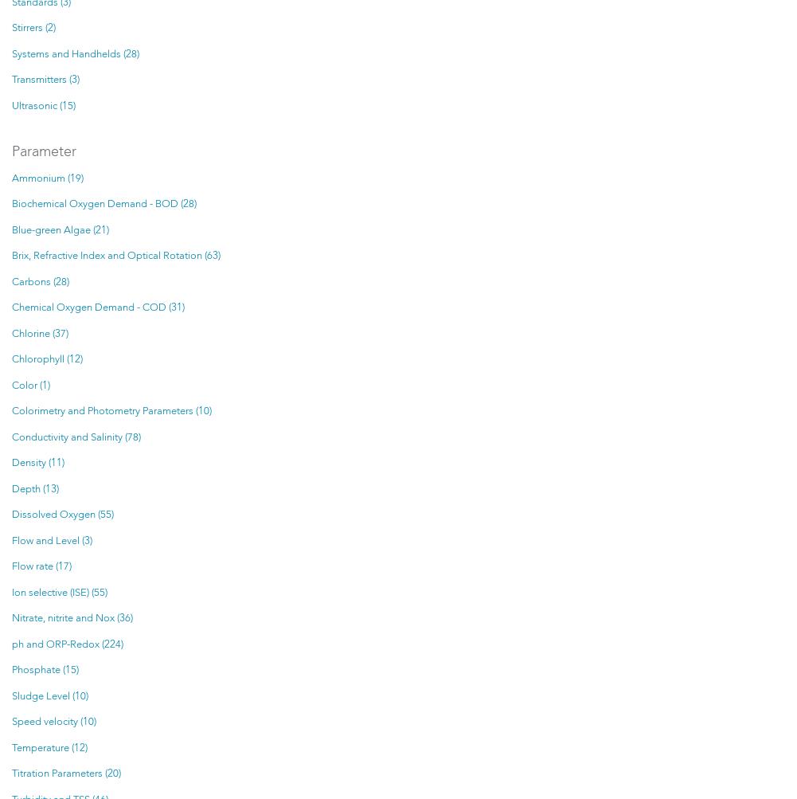  Describe the element at coordinates (61, 515) in the screenshot. I see `'Dissolved Oxygen (55)'` at that location.